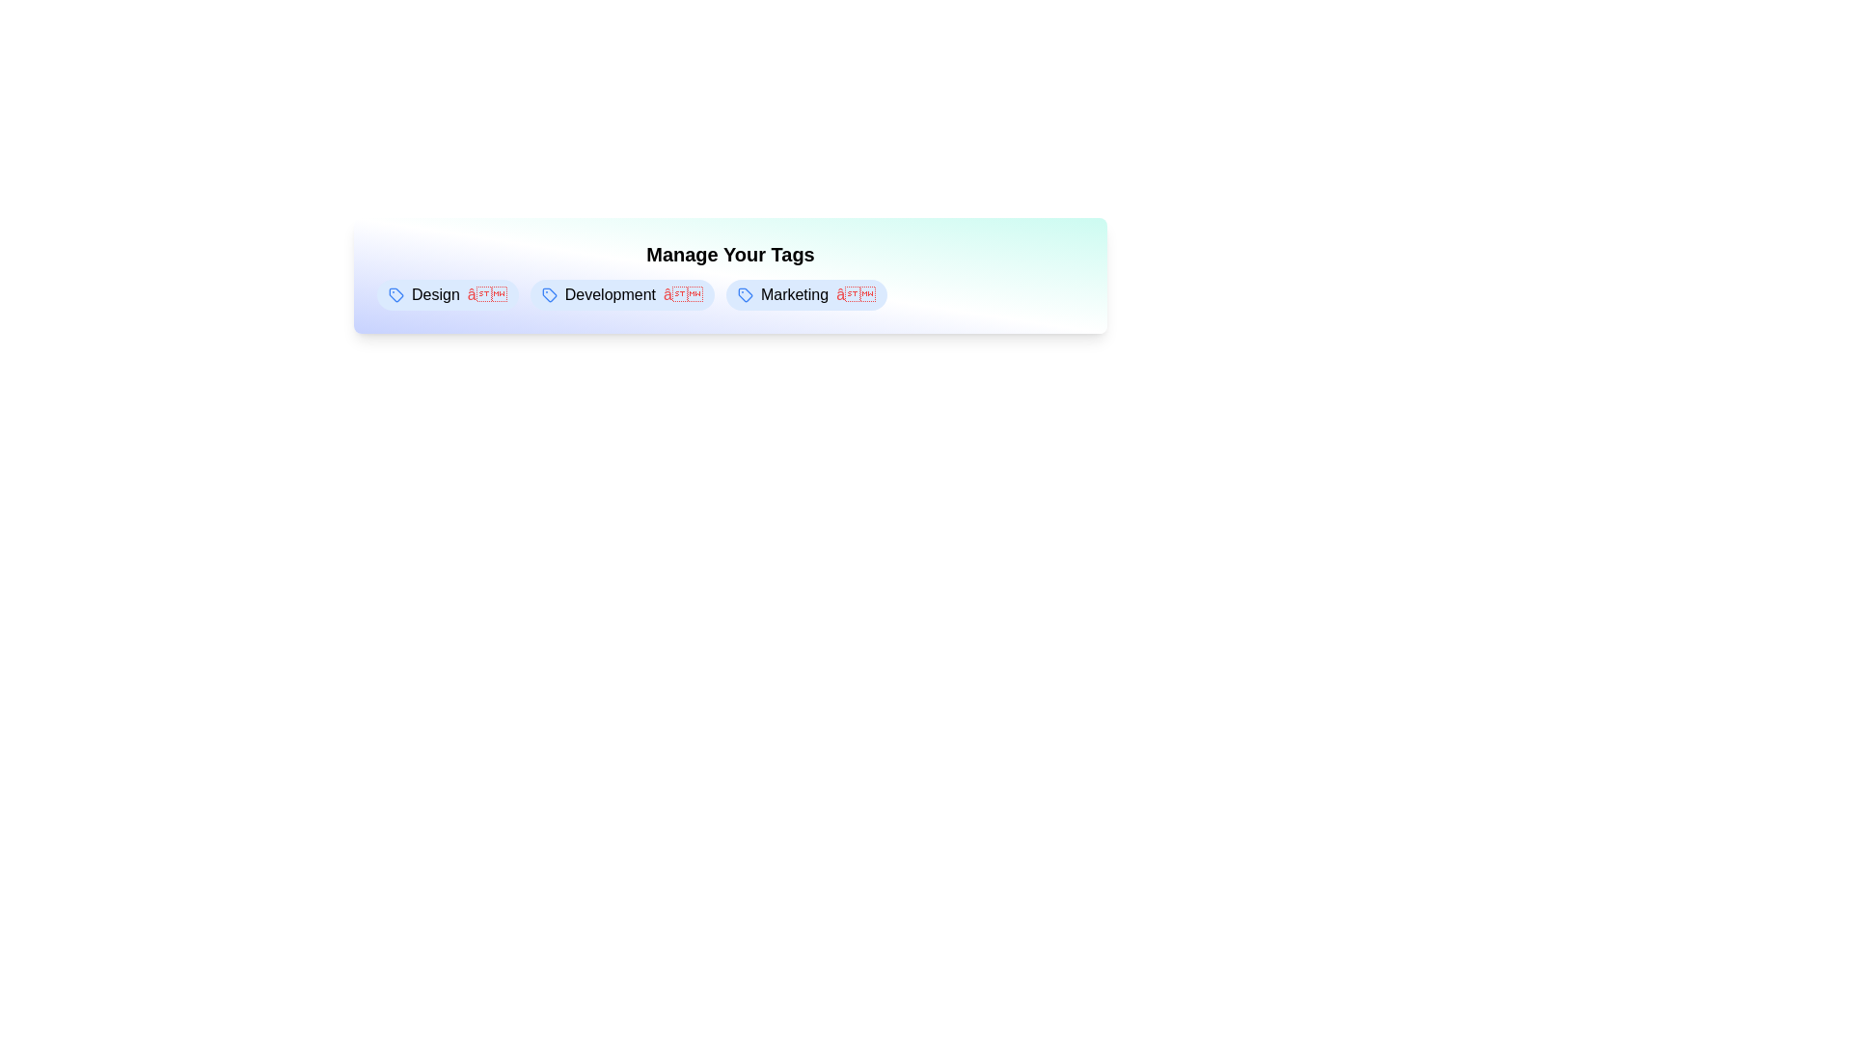 This screenshot has height=1042, width=1852. What do you see at coordinates (683, 294) in the screenshot?
I see `remove button next to the tag labeled Development` at bounding box center [683, 294].